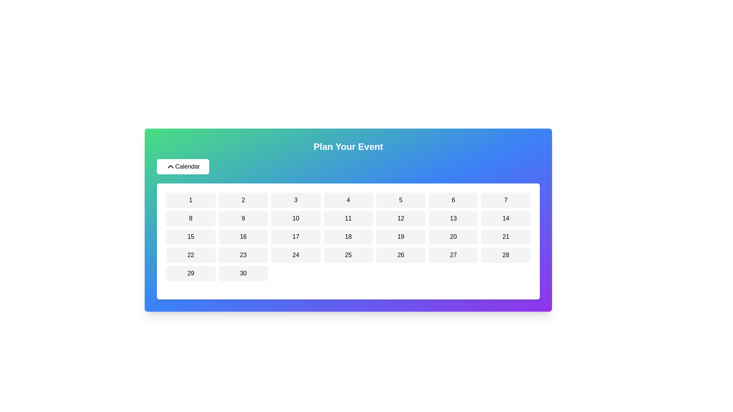 The width and height of the screenshot is (733, 412). Describe the element at coordinates (243, 200) in the screenshot. I see `the '2' button, which is the second button in a grid layout` at that location.